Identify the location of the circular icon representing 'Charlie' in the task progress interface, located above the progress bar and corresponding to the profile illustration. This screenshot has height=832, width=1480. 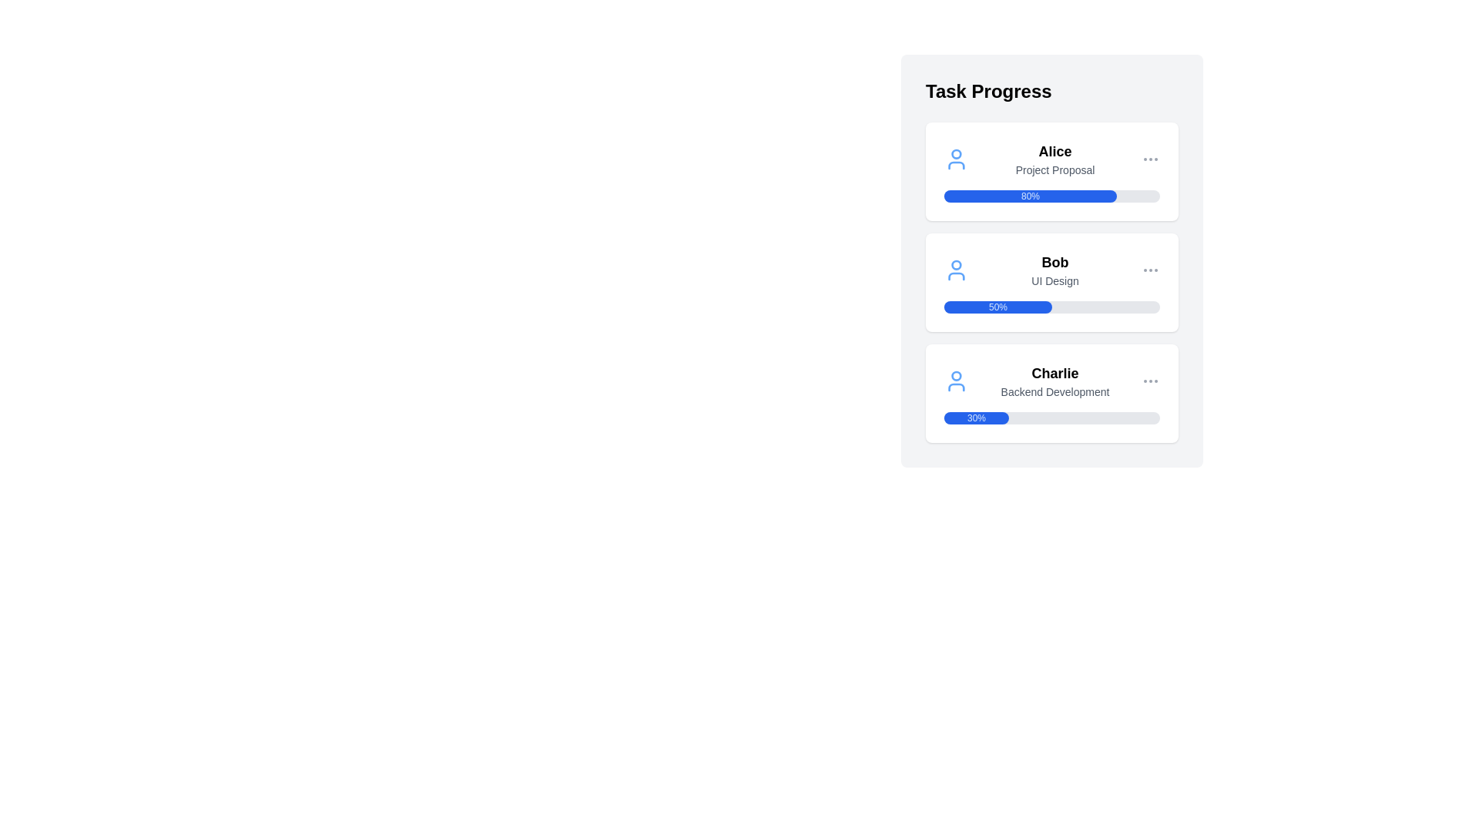
(956, 376).